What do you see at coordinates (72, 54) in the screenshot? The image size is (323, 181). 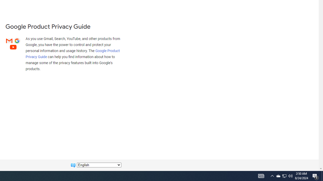 I see `'Google Product Privacy Guide'` at bounding box center [72, 54].